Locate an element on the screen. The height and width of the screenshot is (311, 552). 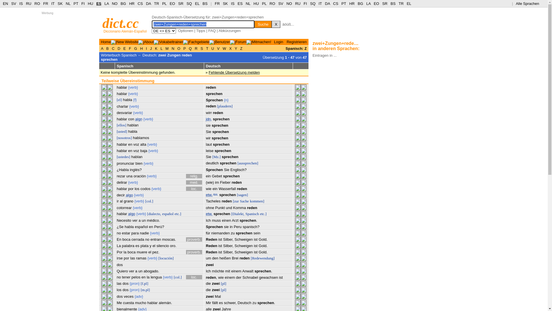
'silencio' is located at coordinates (162, 246).